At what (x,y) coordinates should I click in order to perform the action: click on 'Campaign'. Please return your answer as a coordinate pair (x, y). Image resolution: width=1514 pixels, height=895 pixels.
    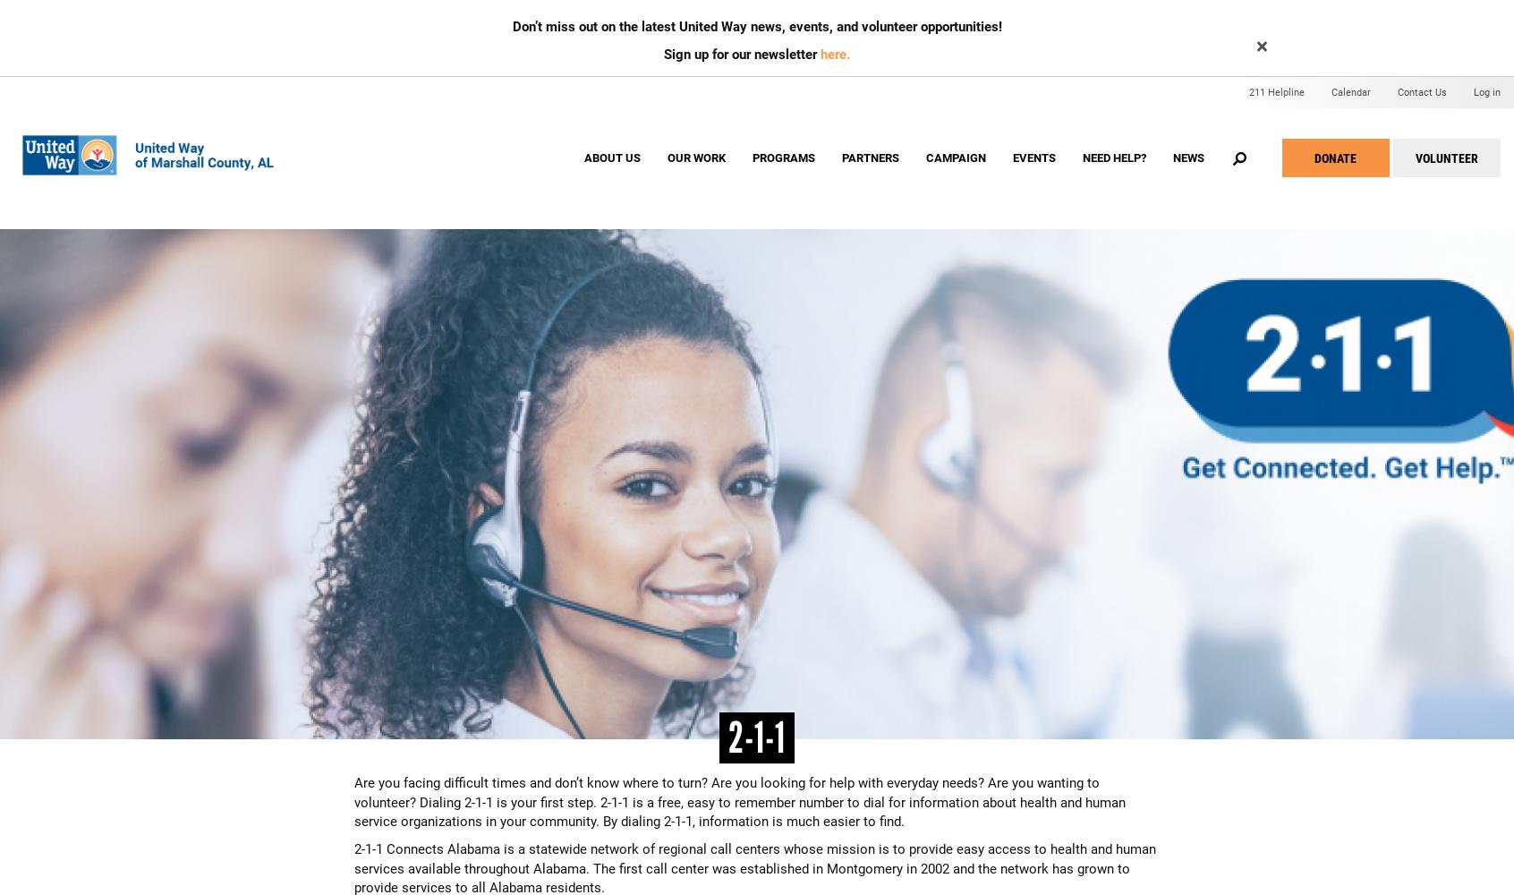
    Looking at the image, I should click on (955, 158).